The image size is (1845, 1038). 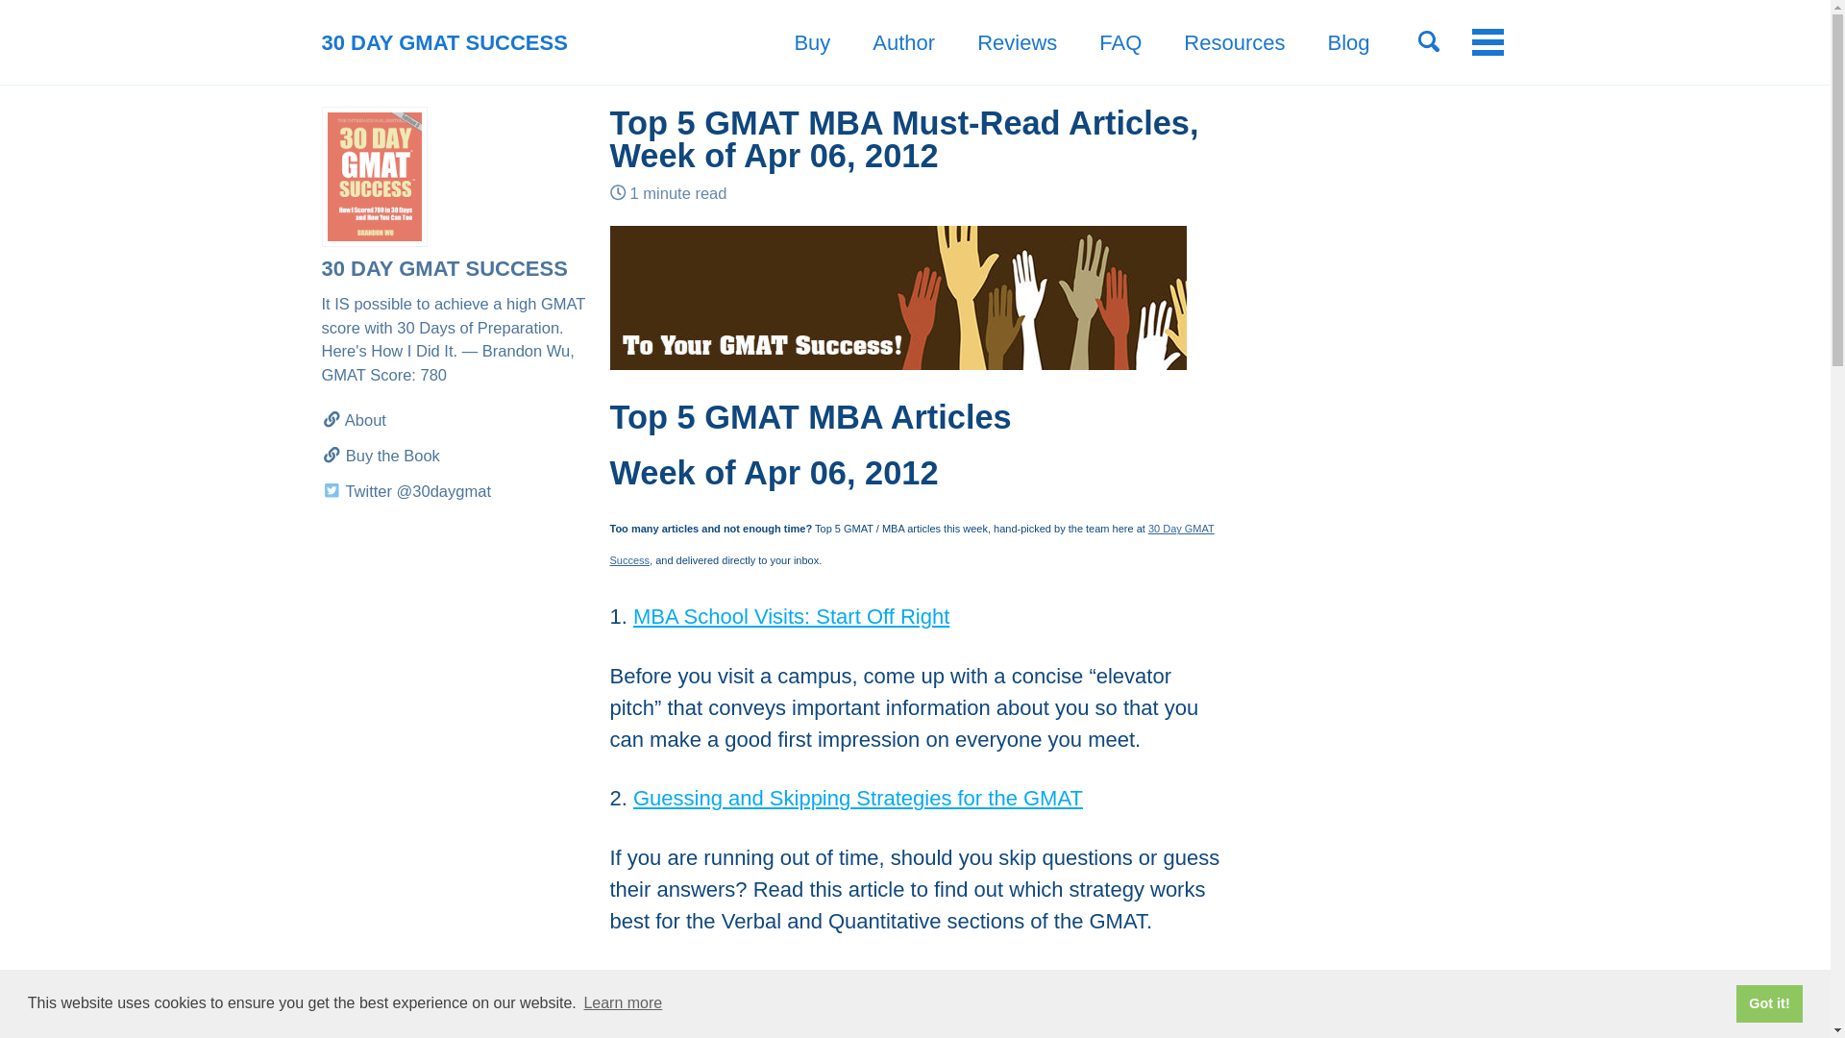 I want to click on 'Learn more', so click(x=623, y=1002).